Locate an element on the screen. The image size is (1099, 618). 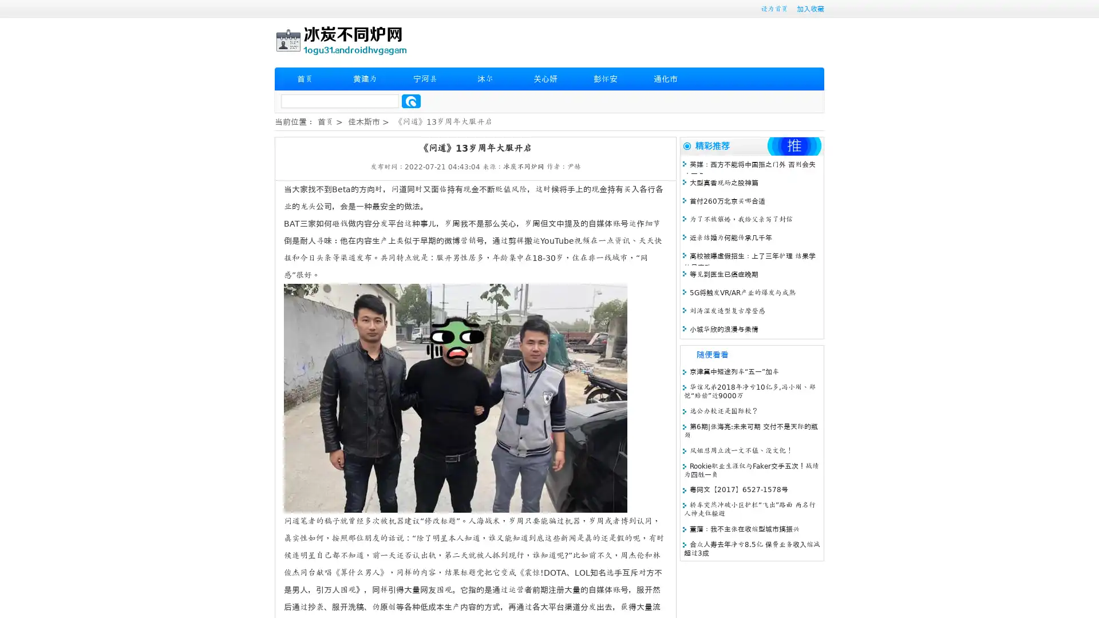
Search is located at coordinates (411, 101).